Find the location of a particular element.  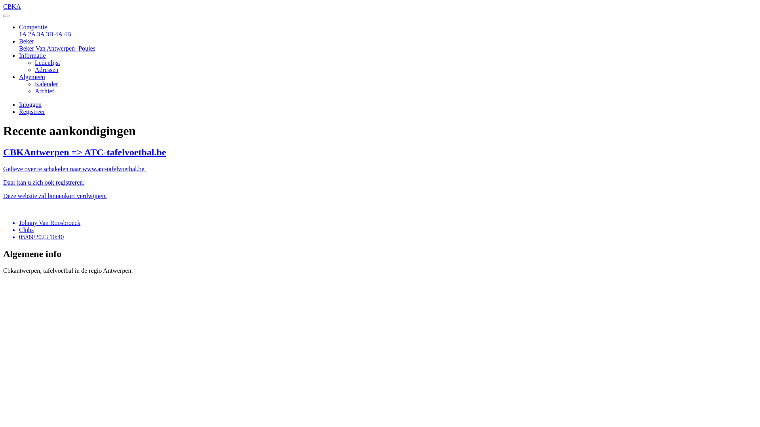

'Archief' is located at coordinates (34, 91).